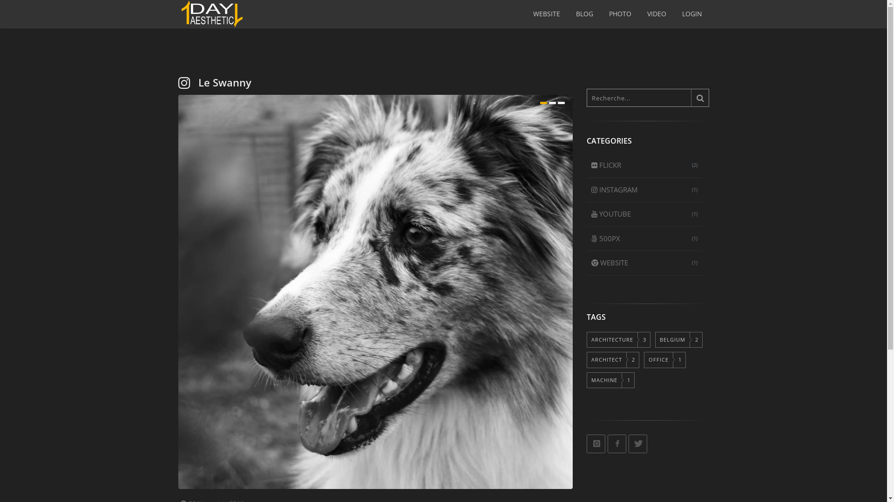 Image resolution: width=894 pixels, height=502 pixels. I want to click on '(1), so click(586, 214).